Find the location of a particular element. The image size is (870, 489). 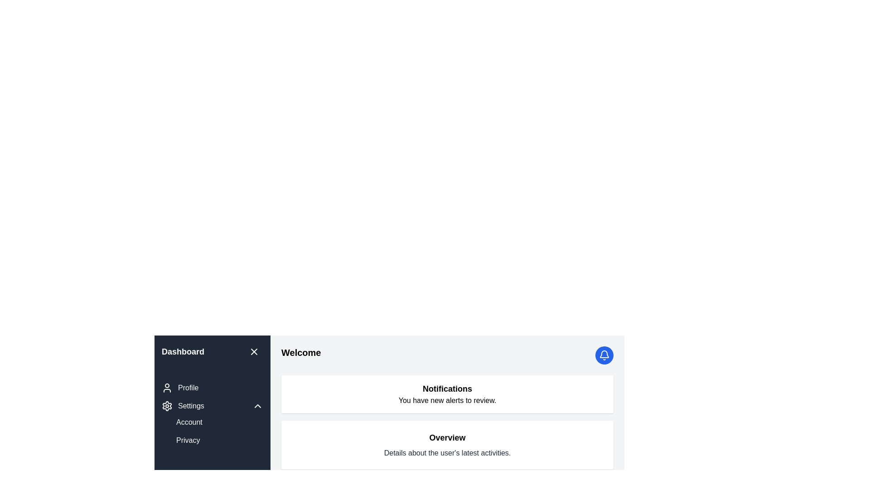

the bell-shaped notification icon located in the top-right corner of the main content area is located at coordinates (604, 355).